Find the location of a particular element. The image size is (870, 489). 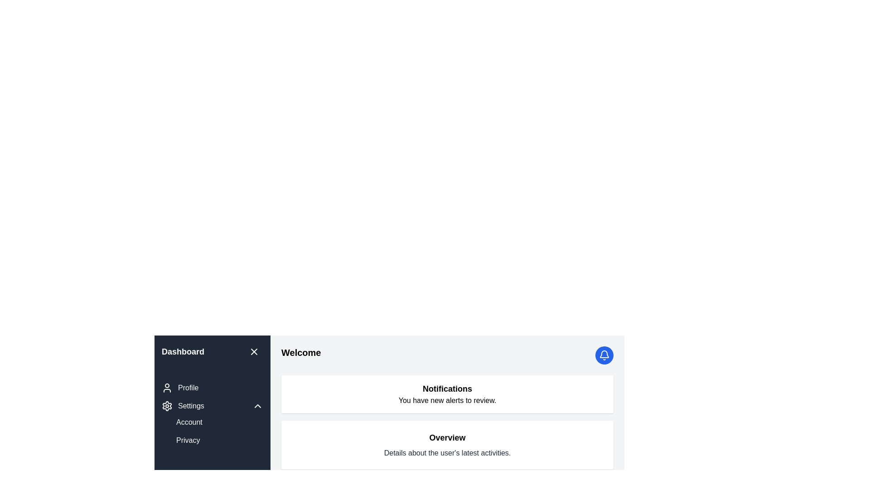

the bell-shaped notification icon located in the top-right corner of the main content area is located at coordinates (604, 355).